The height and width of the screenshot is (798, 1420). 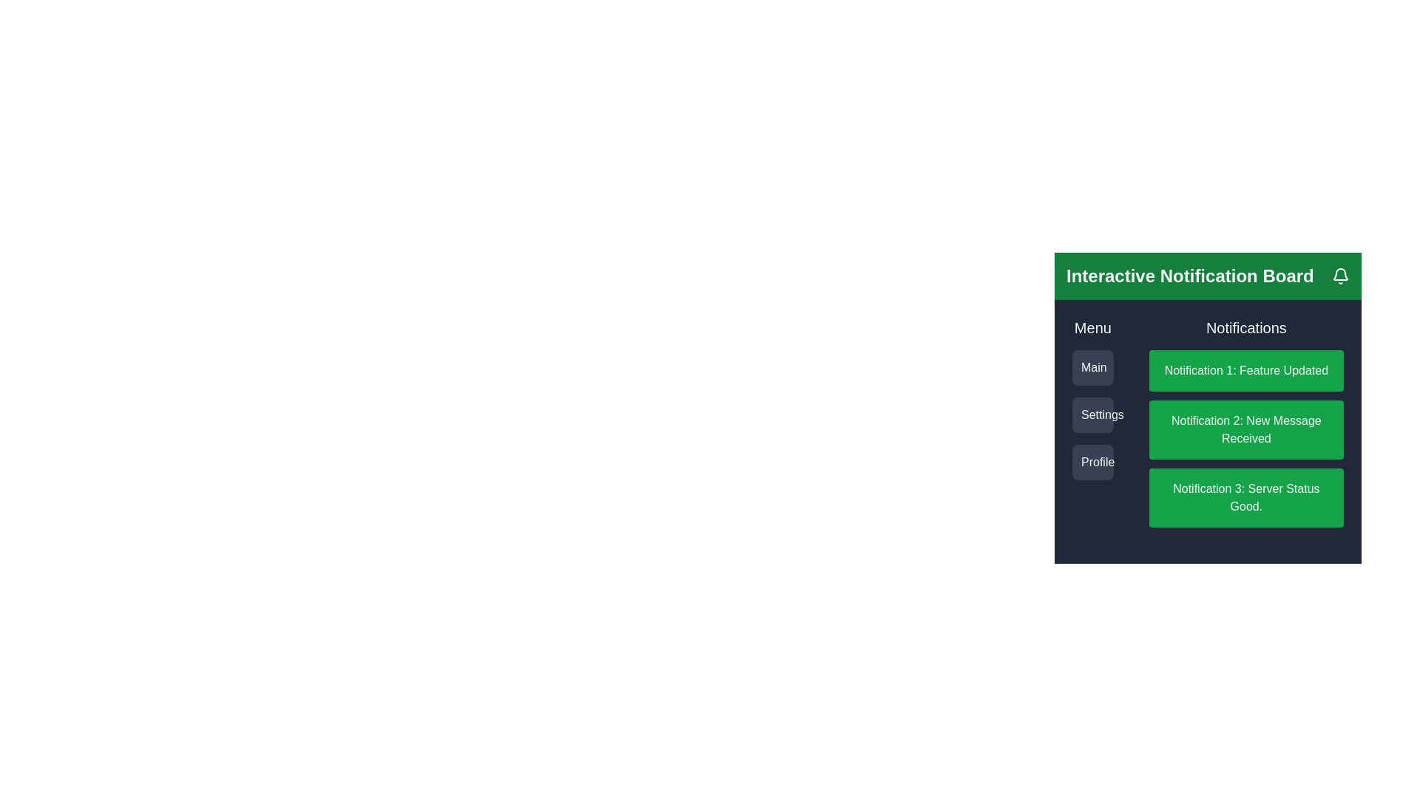 What do you see at coordinates (1245, 498) in the screenshot?
I see `the non-interactive notification button labeled 'Notification 3: Server Status Good.' which is the last in the vertical sequence within the 'Notifications' section` at bounding box center [1245, 498].